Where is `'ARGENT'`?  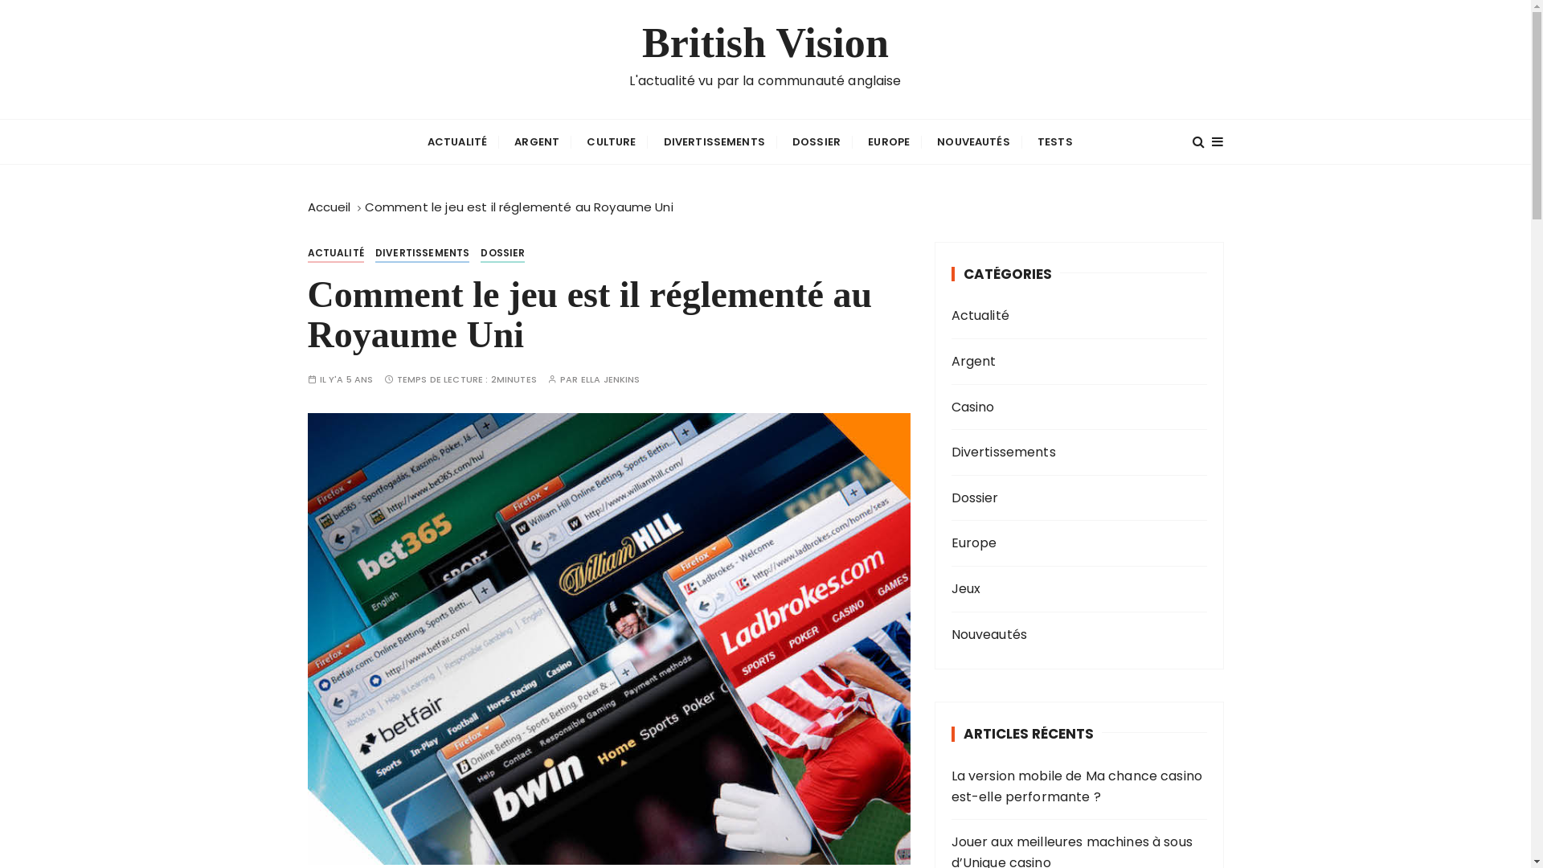
'ARGENT' is located at coordinates (536, 141).